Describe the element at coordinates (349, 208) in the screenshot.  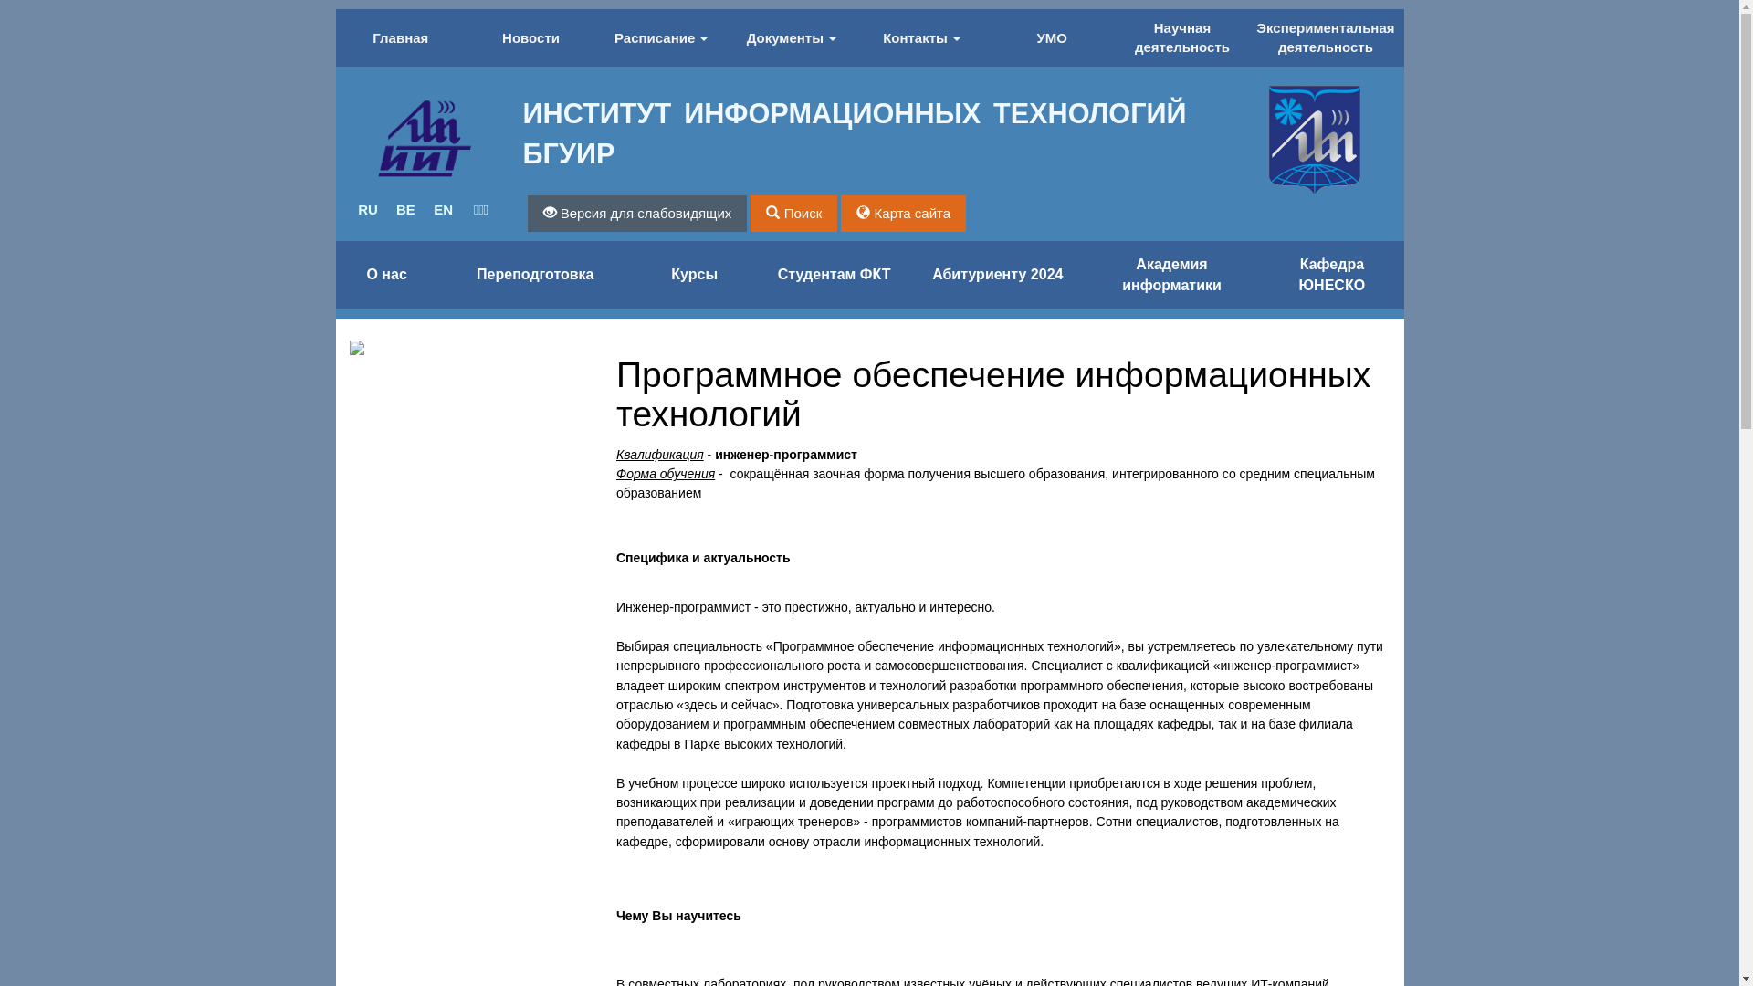
I see `'RU'` at that location.